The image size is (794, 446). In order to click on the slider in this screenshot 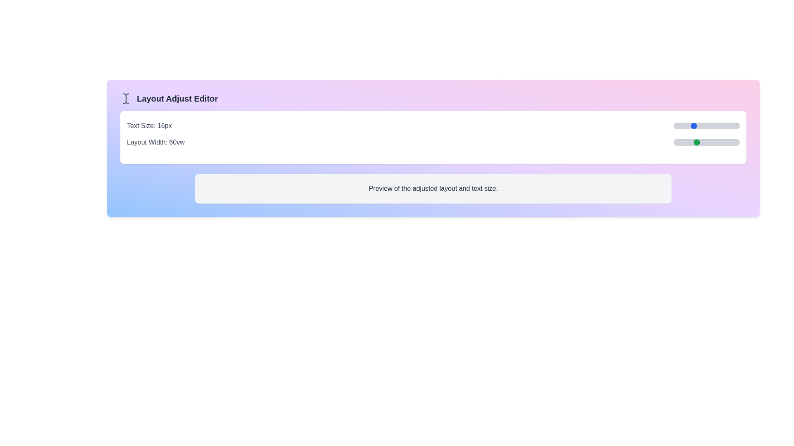, I will do `click(722, 142)`.